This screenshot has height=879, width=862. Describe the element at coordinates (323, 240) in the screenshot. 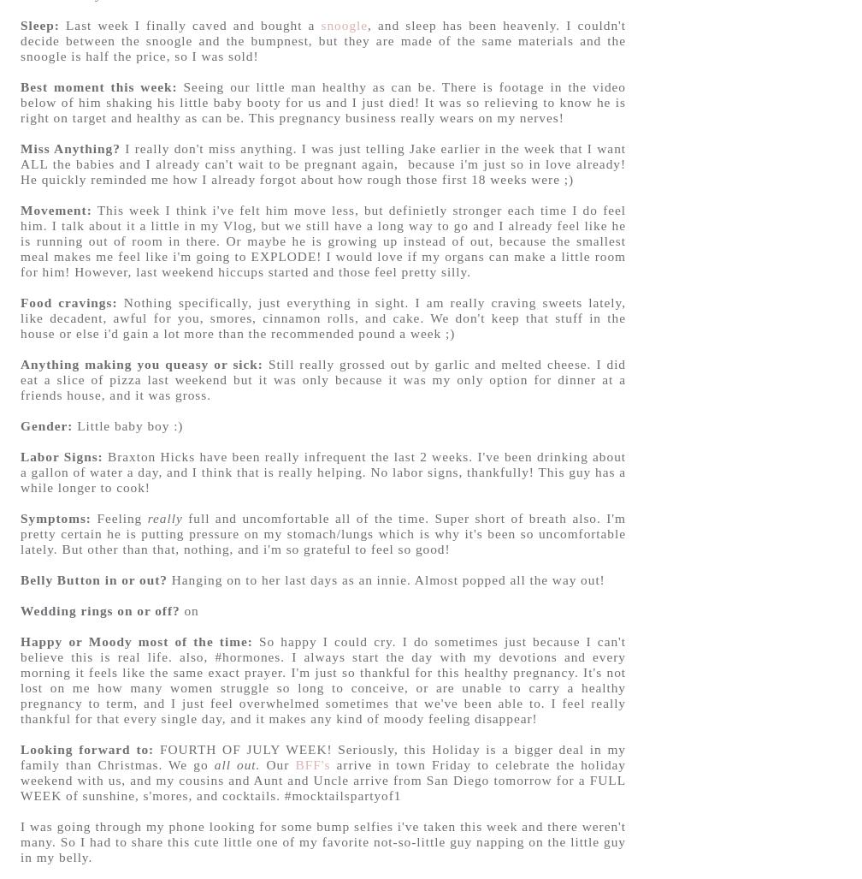

I see `'This week I think i've felt him move less, but definietly stronger each time I do feel him. I talk about it a little in my Vlog, but we still have a long way to go and I already feel like he is running out of room in there. Or maybe he is growing up instead of out, because the smallest meal makes me feel like i'm going to EXPLODE! I would love if my organs can make a little room for him! However, last weekend hiccups started and those feel pretty silly.'` at that location.